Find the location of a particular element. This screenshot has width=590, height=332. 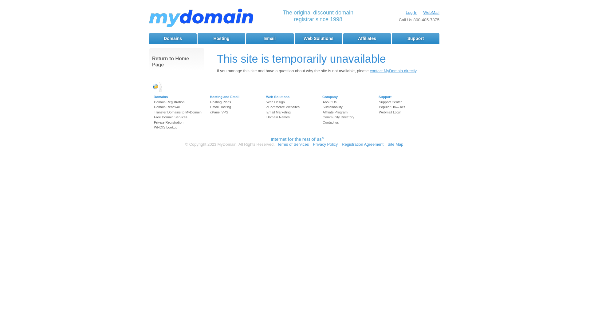

'Domain Names' is located at coordinates (278, 117).